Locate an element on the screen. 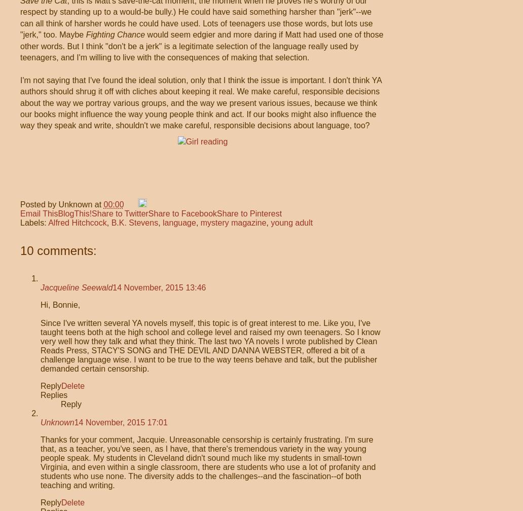  'Labels:' is located at coordinates (34, 223).